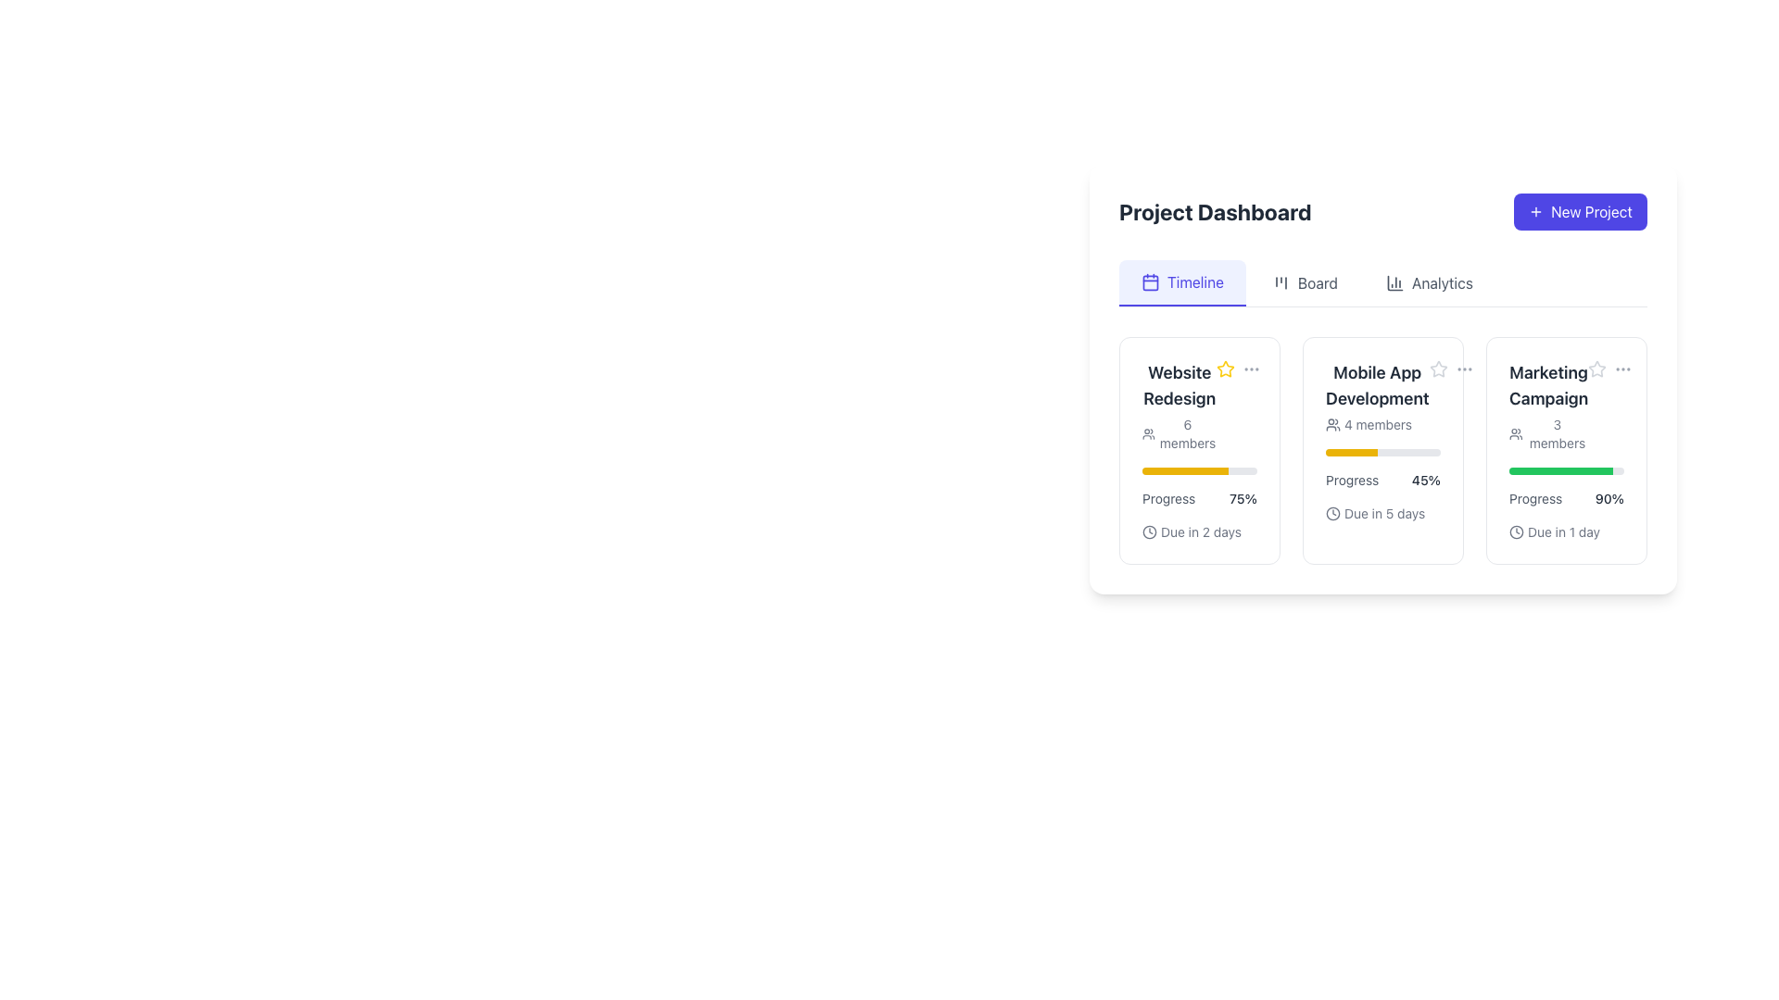 This screenshot has width=1779, height=1000. Describe the element at coordinates (1179, 406) in the screenshot. I see `project name 'Website Redesign' and member count displayed in the text element located in the top-left section of the first card in the 'Timeline' view's project list` at that location.